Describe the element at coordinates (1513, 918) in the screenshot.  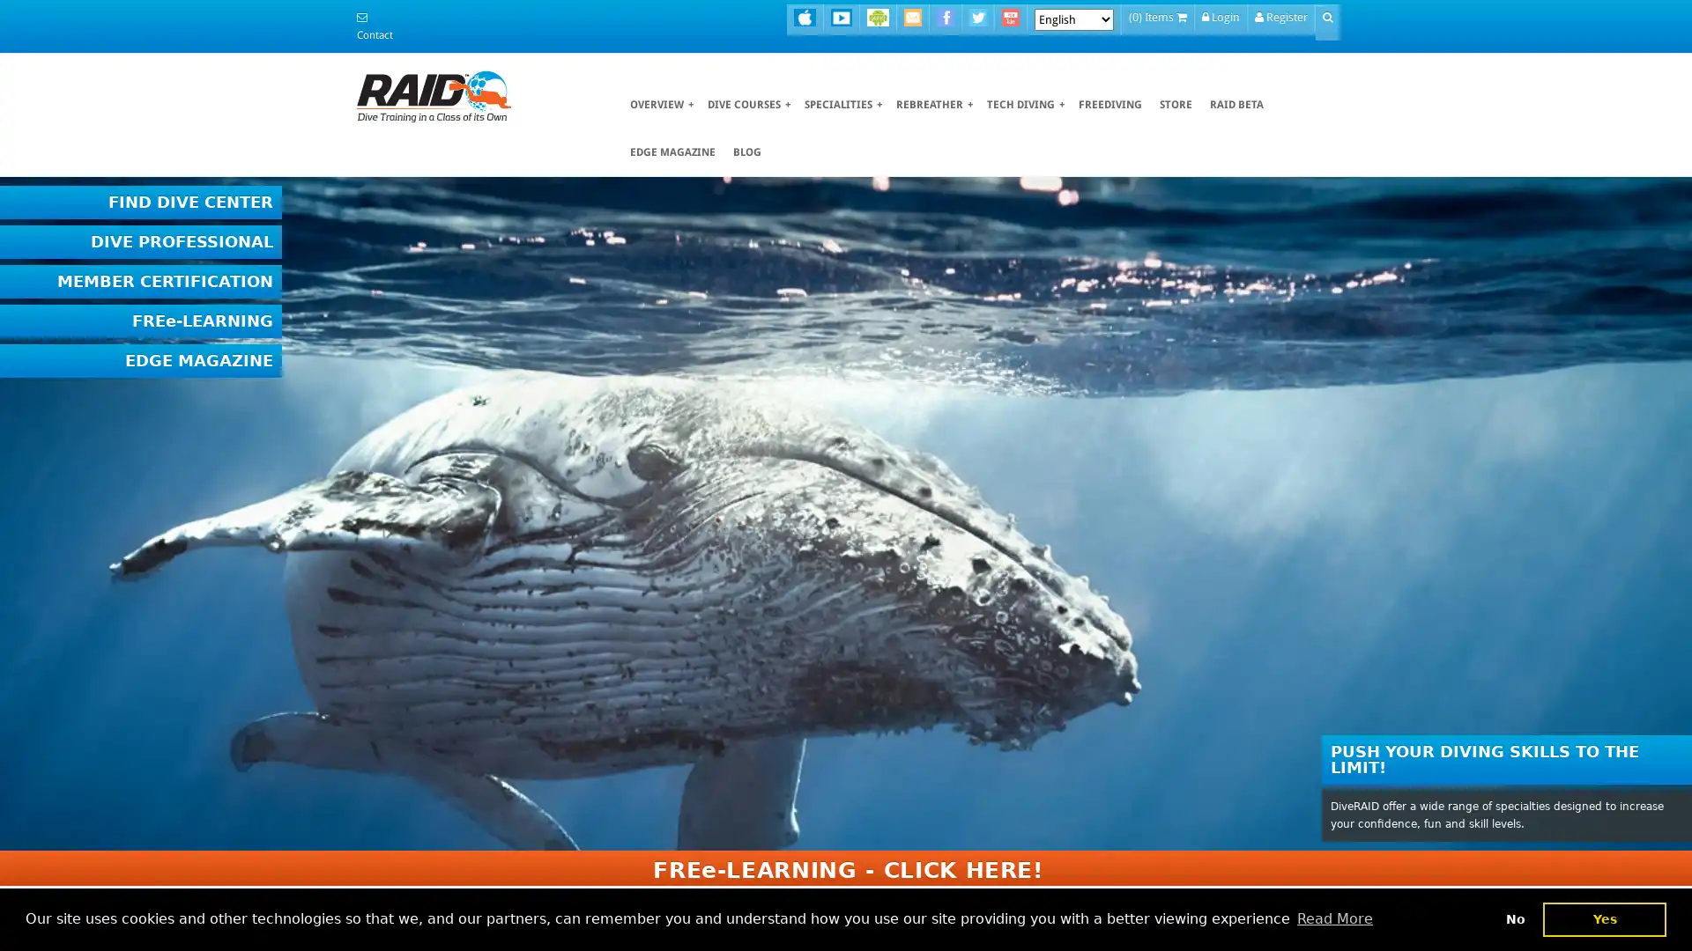
I see `deny cookies` at that location.